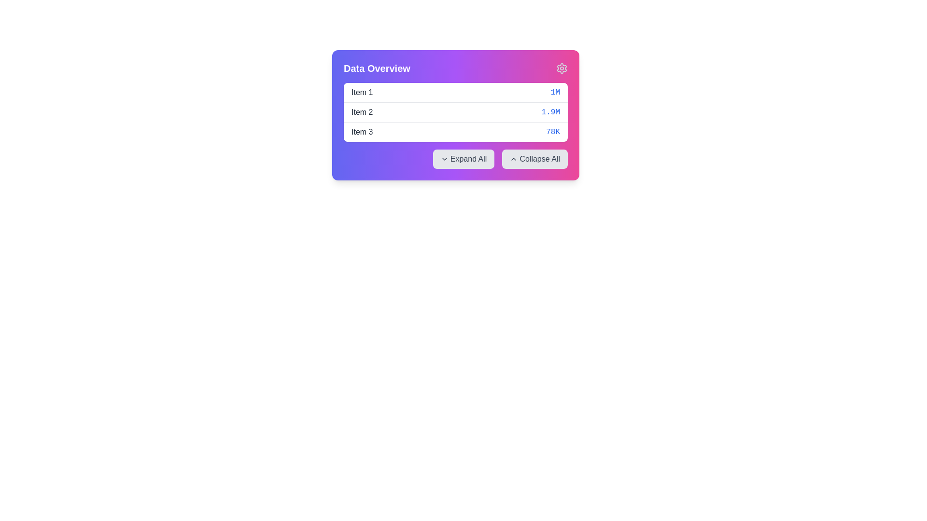 This screenshot has width=927, height=521. Describe the element at coordinates (444, 159) in the screenshot. I see `the downward-pointing chevron icon located next to the 'Expand All' text` at that location.